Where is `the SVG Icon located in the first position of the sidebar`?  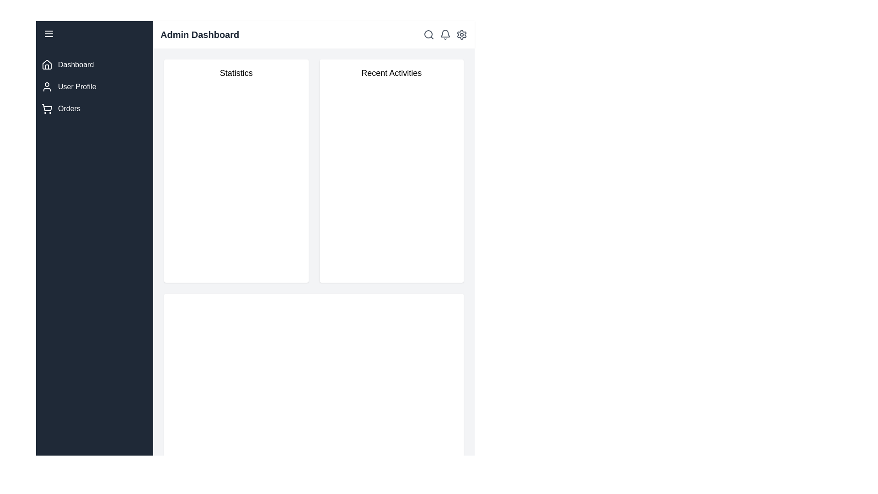
the SVG Icon located in the first position of the sidebar is located at coordinates (46, 64).